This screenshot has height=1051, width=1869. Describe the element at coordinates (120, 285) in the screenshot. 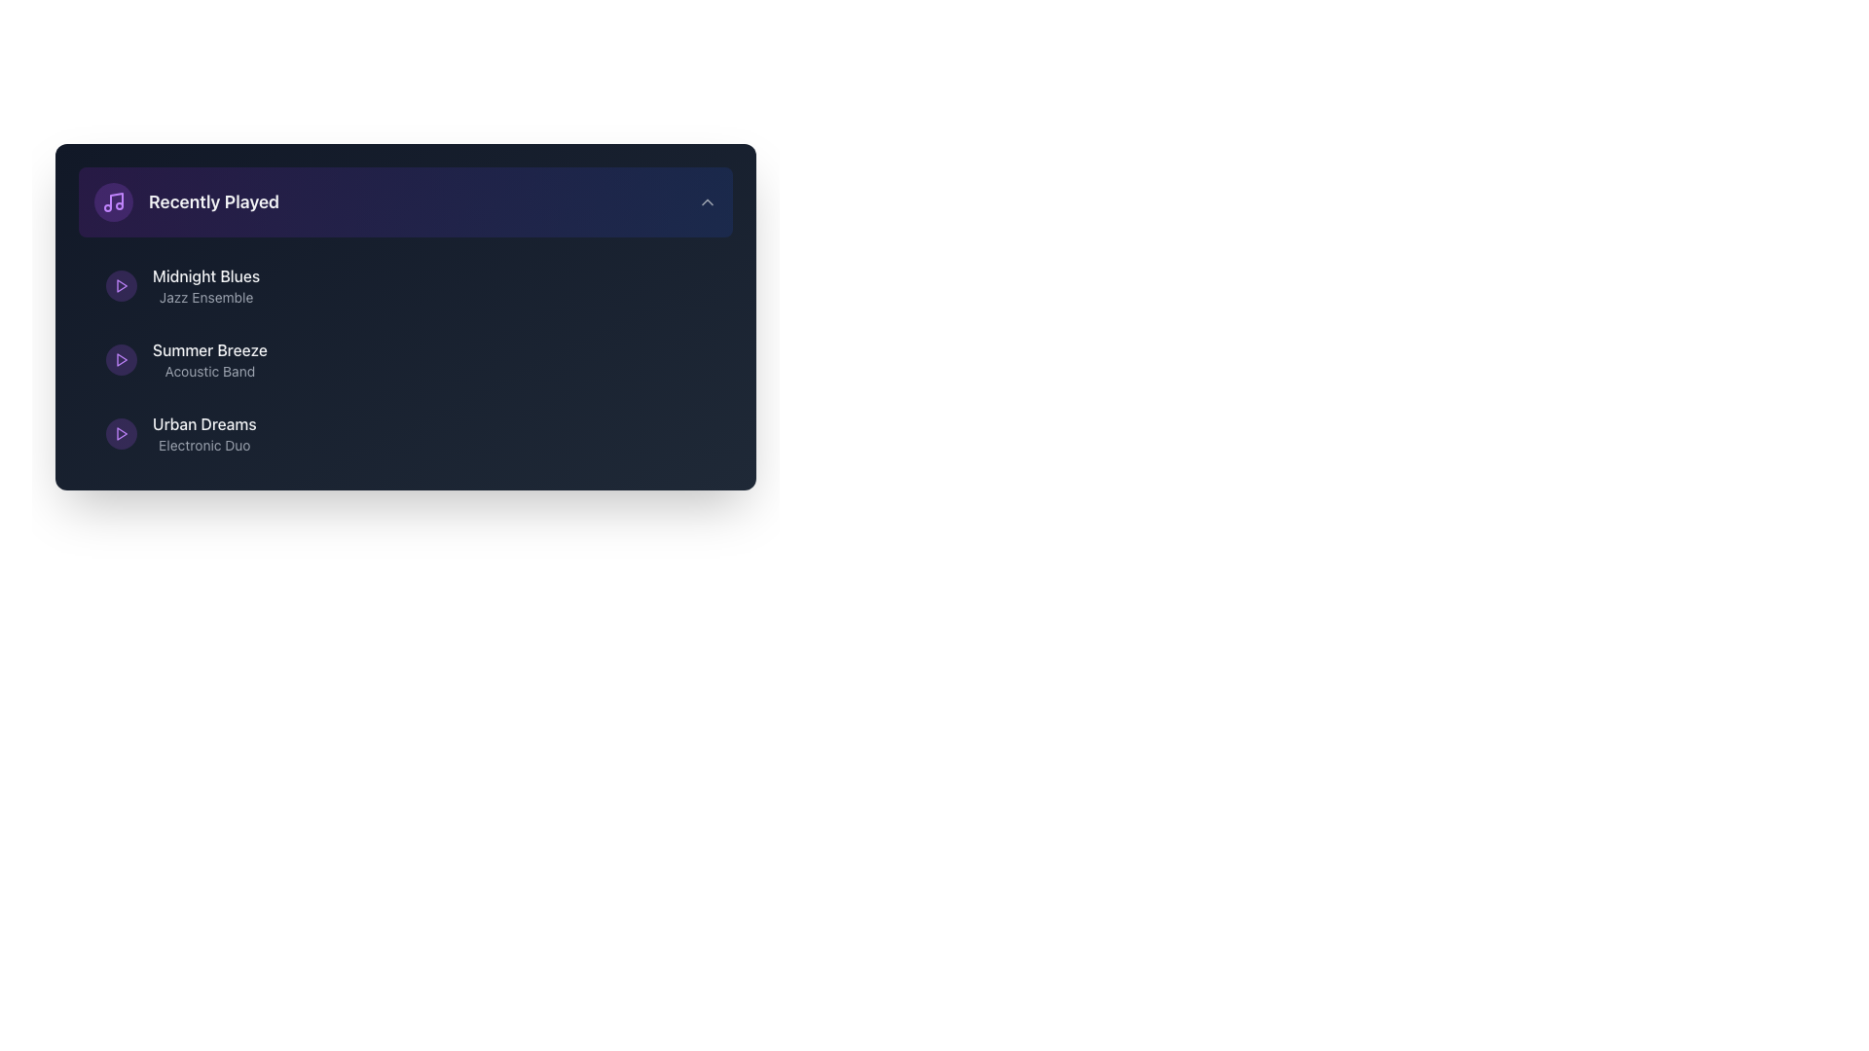

I see `the circular play button with a purple border and light purple play symbol` at that location.